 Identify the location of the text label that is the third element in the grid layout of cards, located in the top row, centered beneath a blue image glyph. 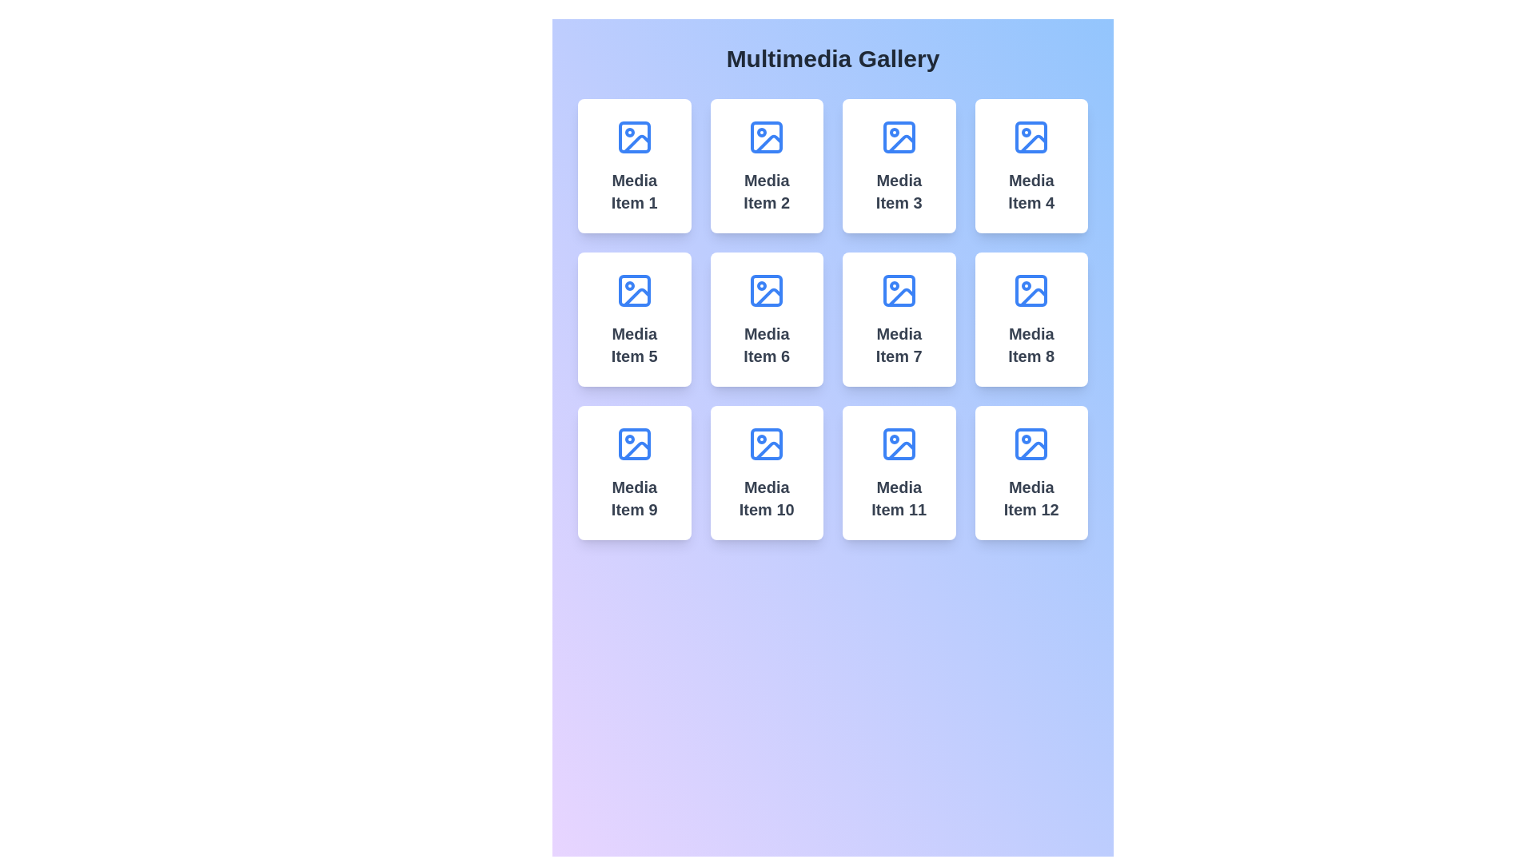
(899, 190).